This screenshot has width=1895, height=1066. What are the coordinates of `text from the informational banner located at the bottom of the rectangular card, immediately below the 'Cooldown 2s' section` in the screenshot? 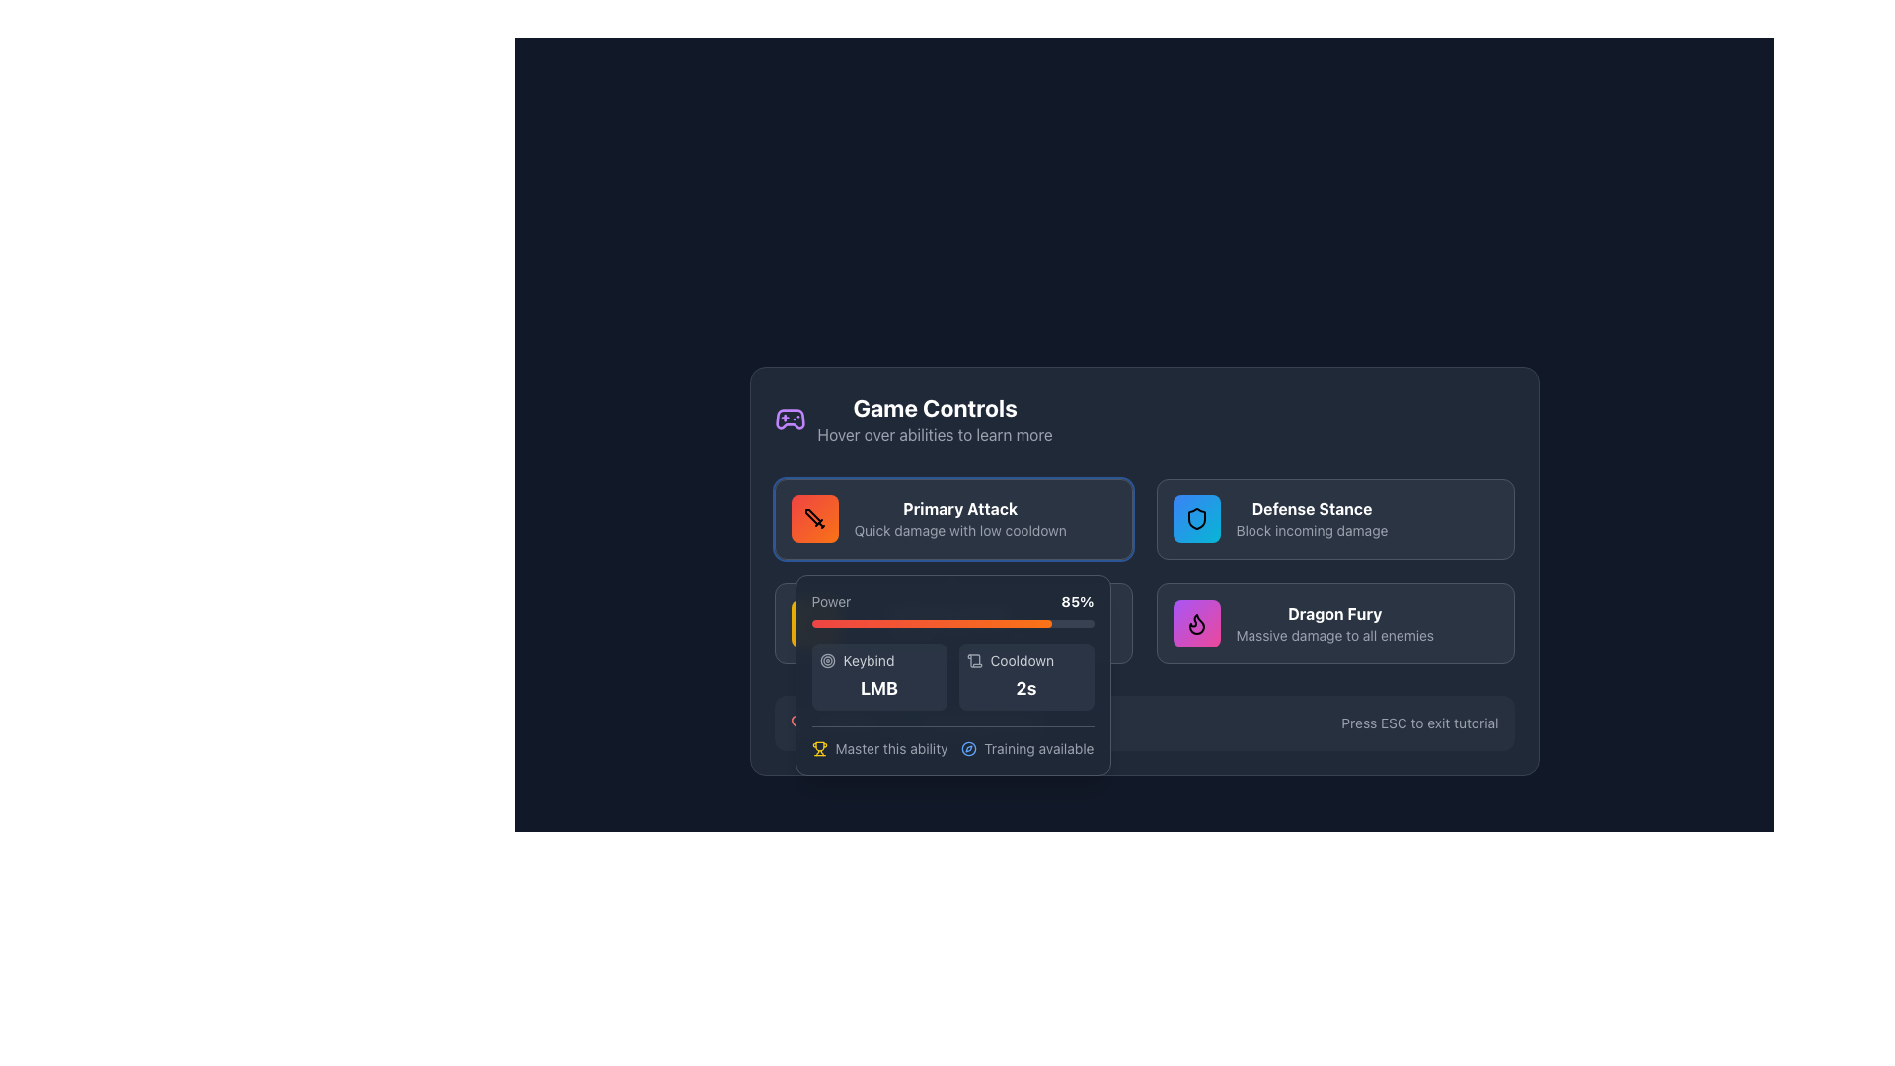 It's located at (952, 742).